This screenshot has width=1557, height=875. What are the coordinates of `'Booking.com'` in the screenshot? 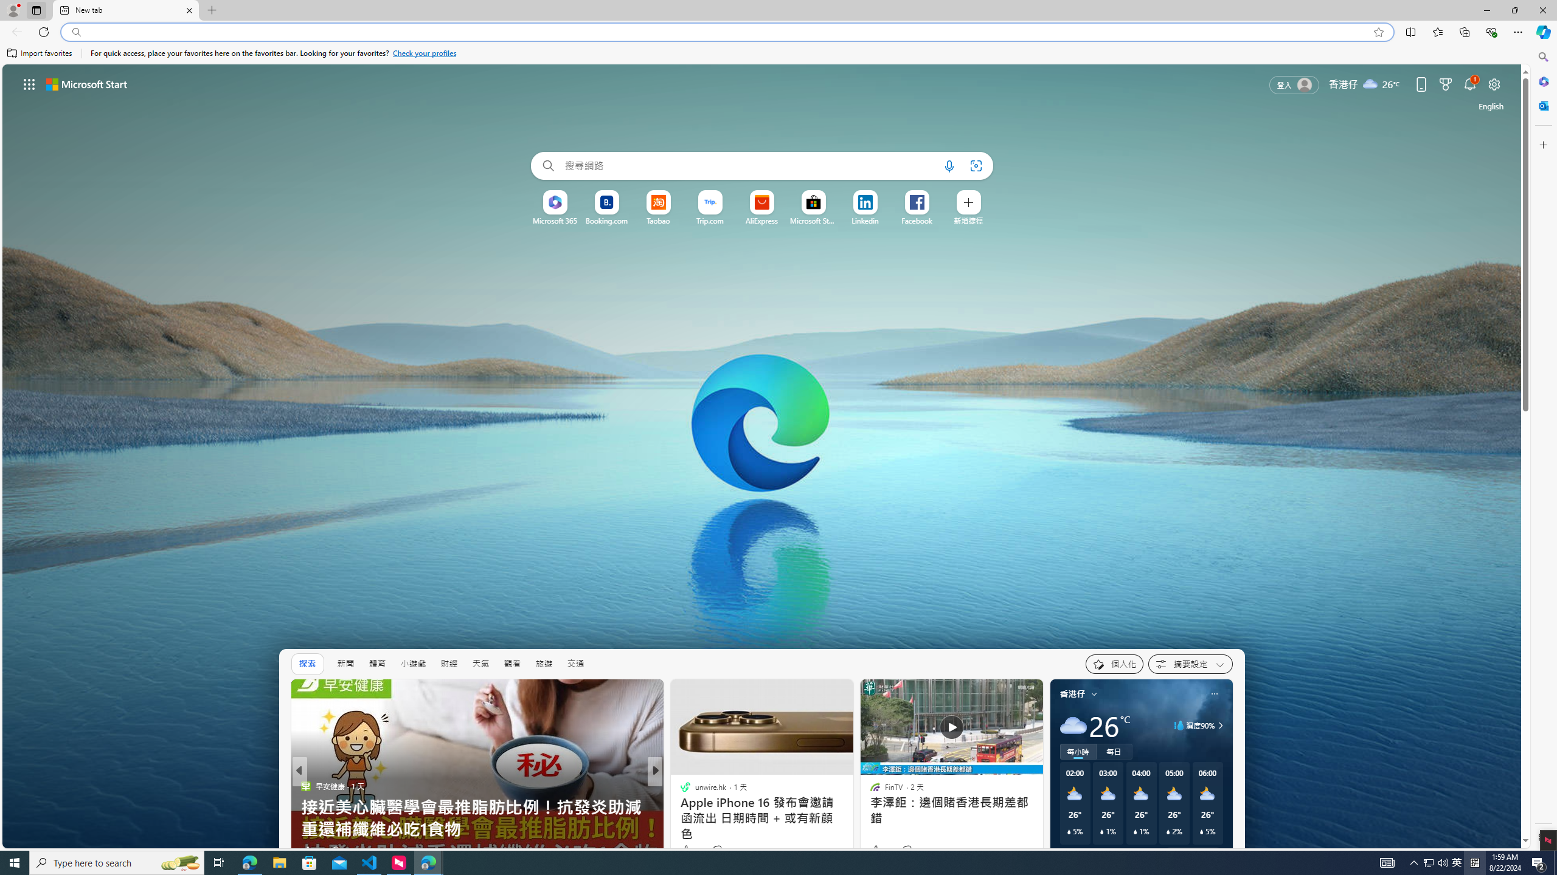 It's located at (607, 221).